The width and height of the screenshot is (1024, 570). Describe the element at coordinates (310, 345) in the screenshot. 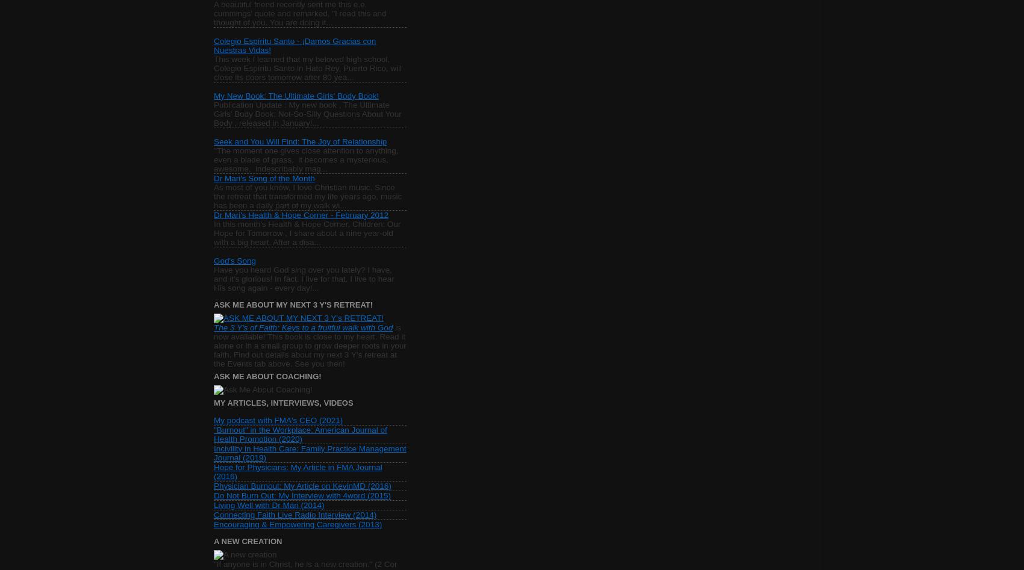

I see `'is now available! This book is close to my heart. Read it alone or in a small group to grow deeper roots in your faith. Find out details about my next 3 Y's retreat at the Events tab above. See you then!'` at that location.